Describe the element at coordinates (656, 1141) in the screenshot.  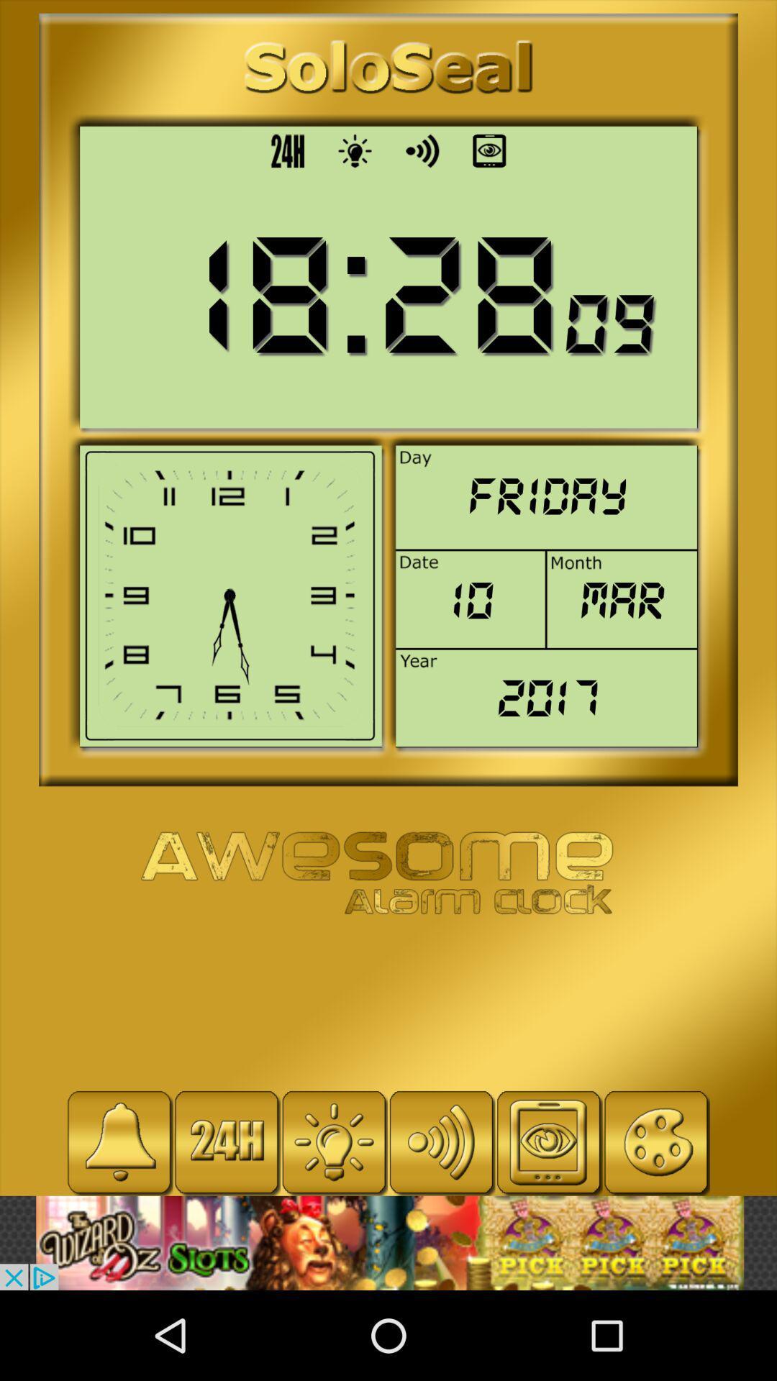
I see `click button` at that location.